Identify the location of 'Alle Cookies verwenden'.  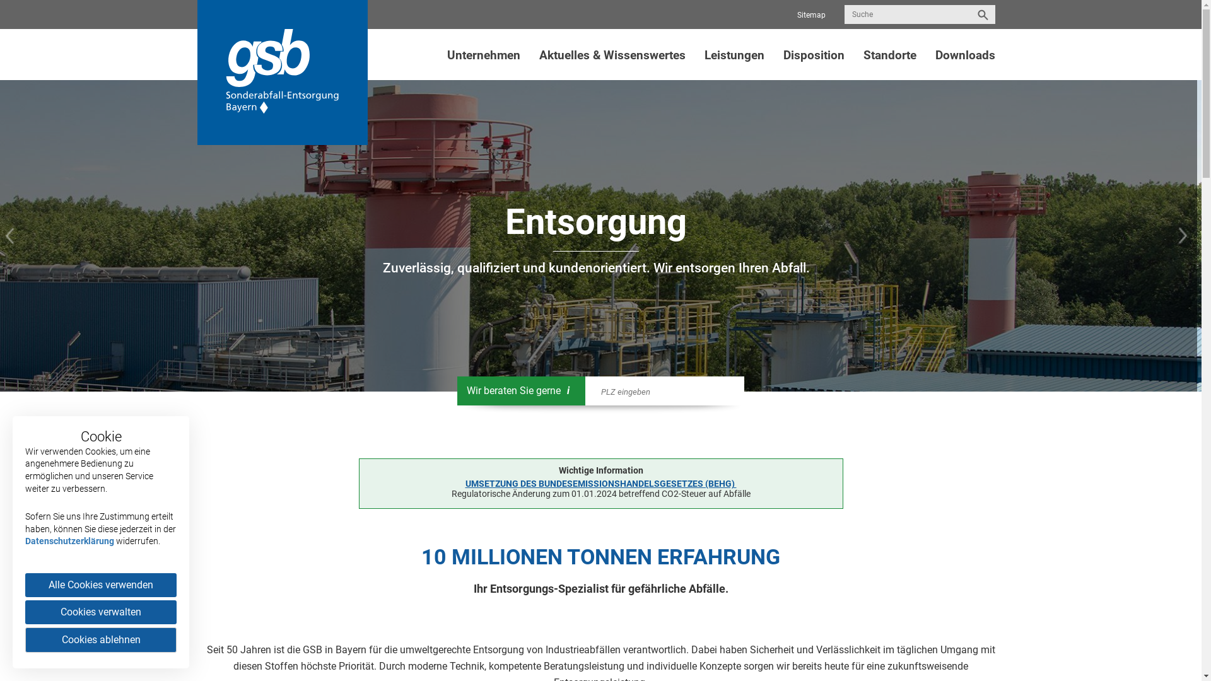
(100, 585).